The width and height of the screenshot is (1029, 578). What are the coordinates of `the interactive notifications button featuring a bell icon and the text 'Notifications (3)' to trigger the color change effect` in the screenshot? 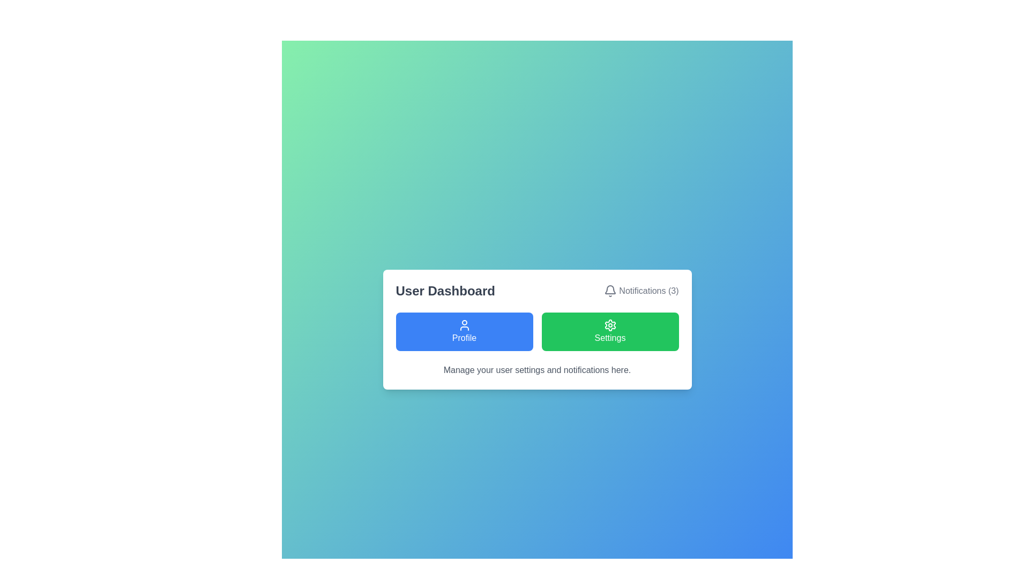 It's located at (641, 291).